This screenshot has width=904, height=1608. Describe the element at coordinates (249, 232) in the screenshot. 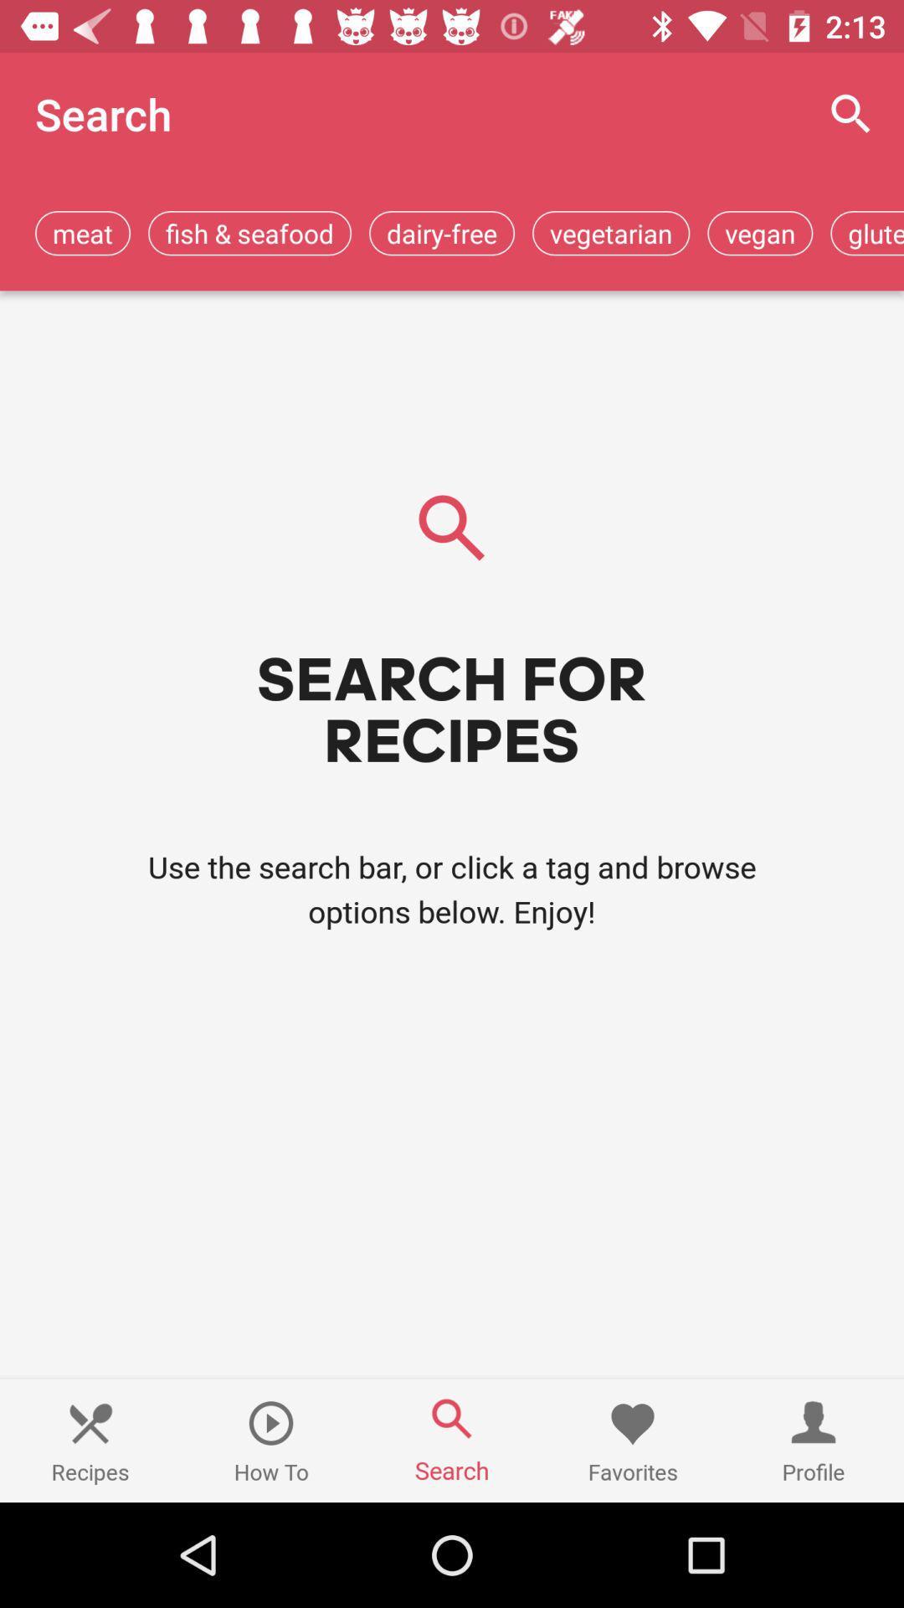

I see `item below search` at that location.